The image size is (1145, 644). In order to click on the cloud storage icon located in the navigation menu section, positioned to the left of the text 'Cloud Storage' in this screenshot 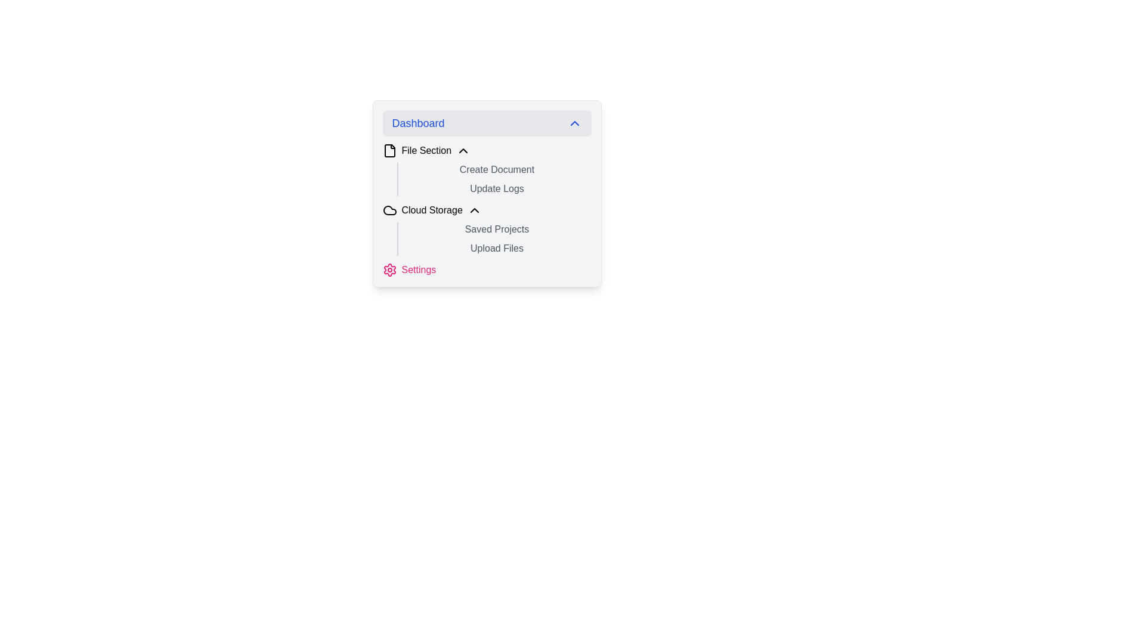, I will do `click(389, 210)`.